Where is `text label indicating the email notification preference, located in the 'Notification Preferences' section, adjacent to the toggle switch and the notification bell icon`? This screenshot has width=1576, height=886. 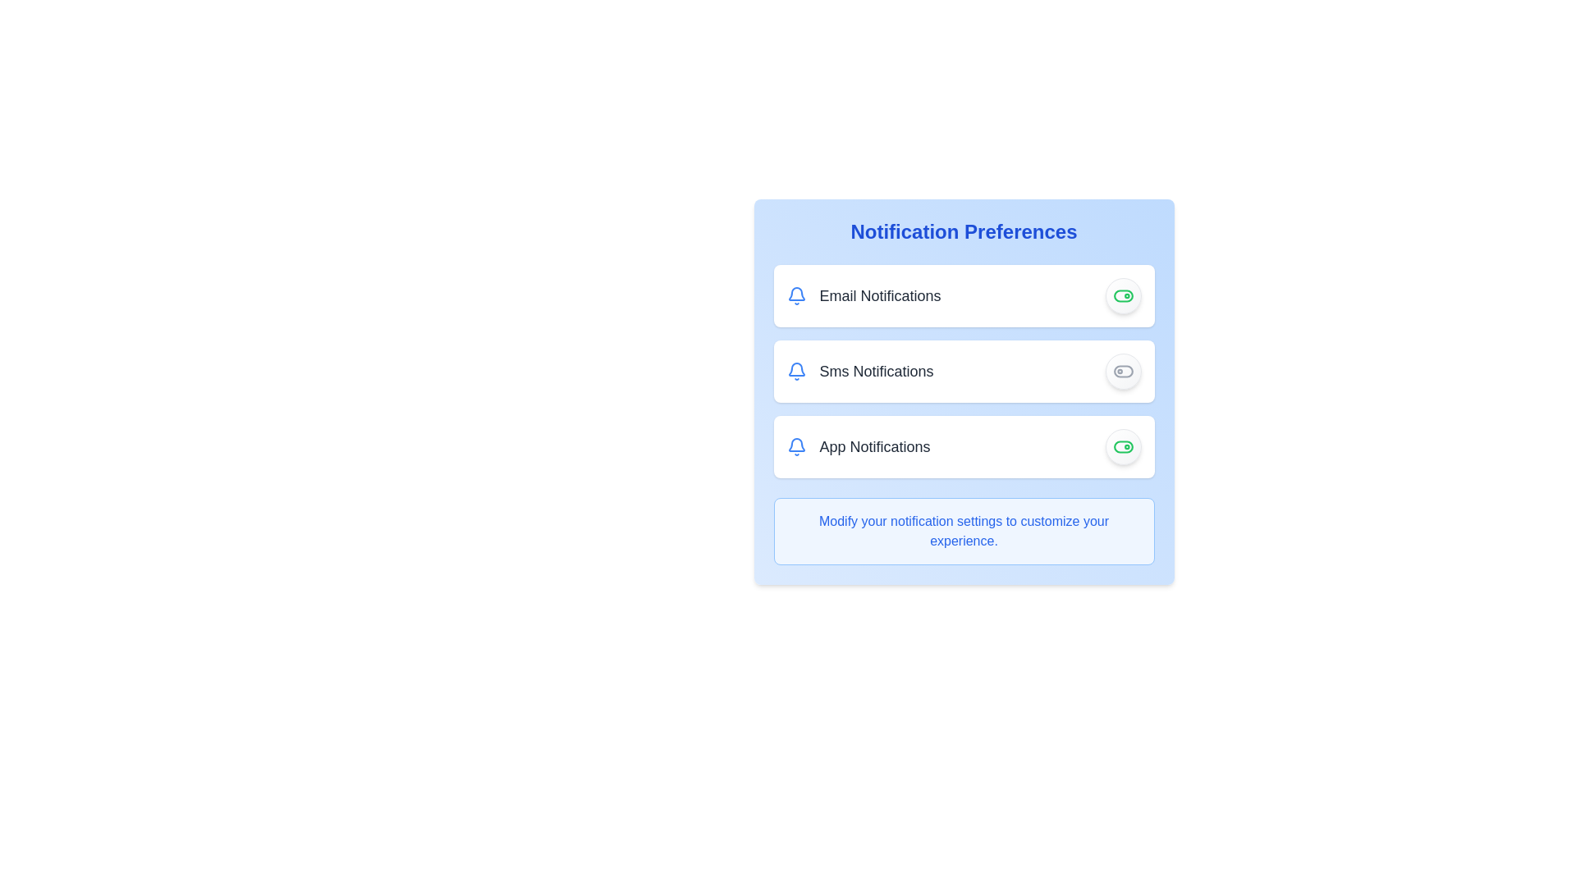
text label indicating the email notification preference, located in the 'Notification Preferences' section, adjacent to the toggle switch and the notification bell icon is located at coordinates (879, 296).